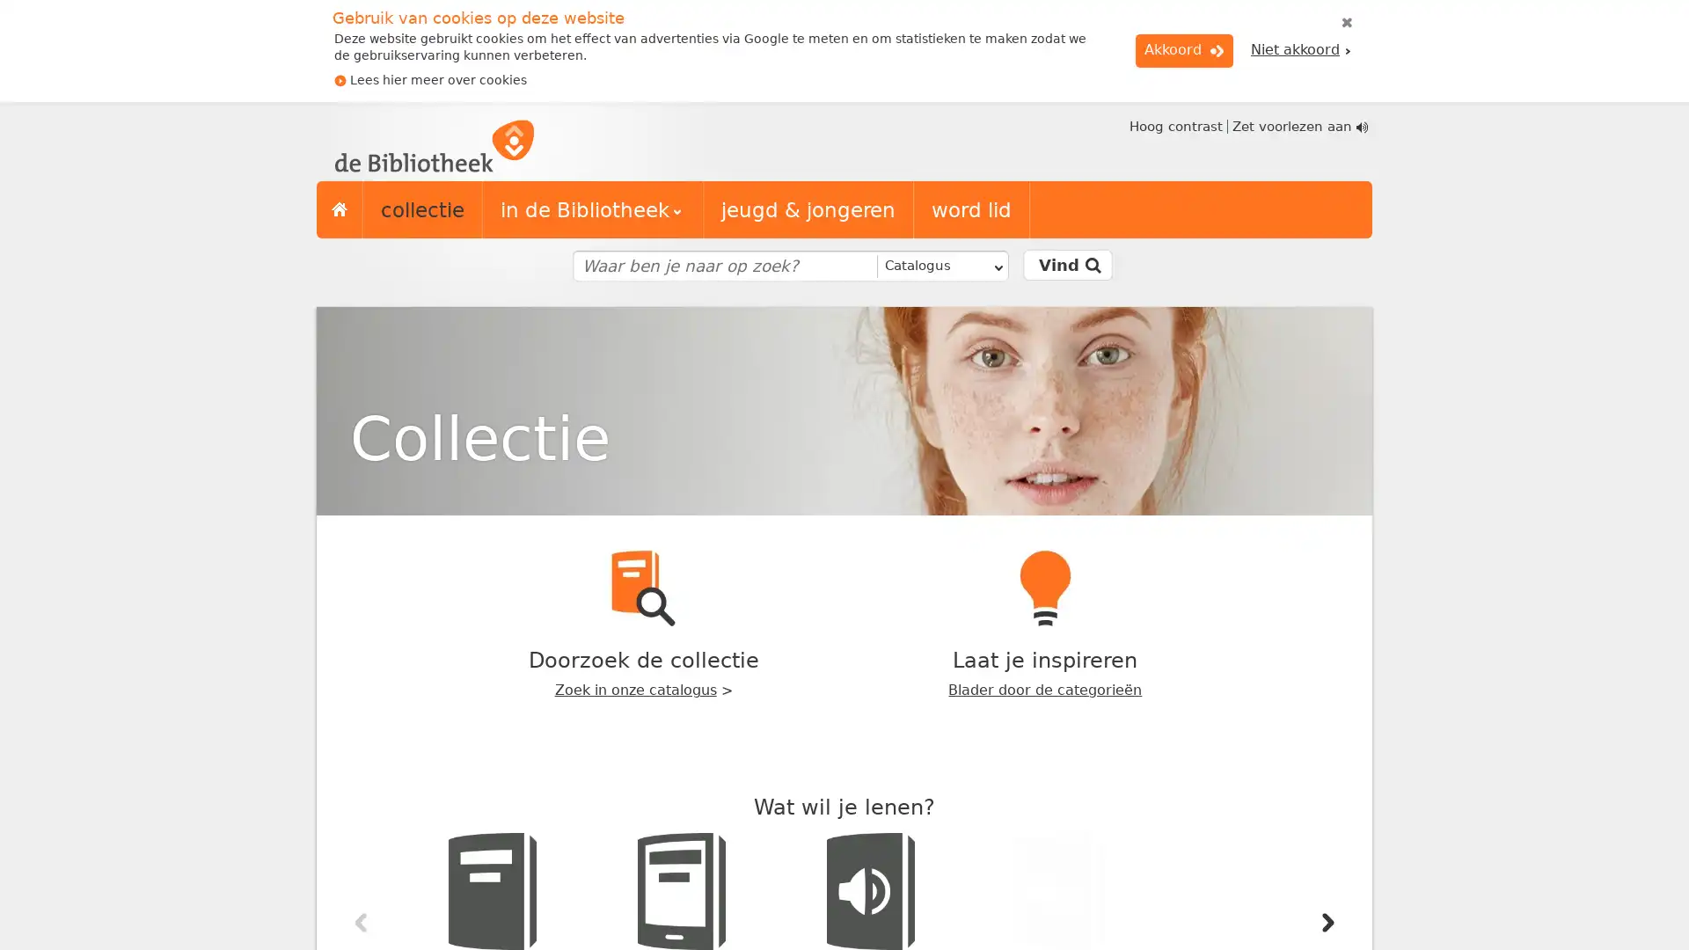 The height and width of the screenshot is (950, 1689). I want to click on Lees hier meer over cookies, so click(430, 80).